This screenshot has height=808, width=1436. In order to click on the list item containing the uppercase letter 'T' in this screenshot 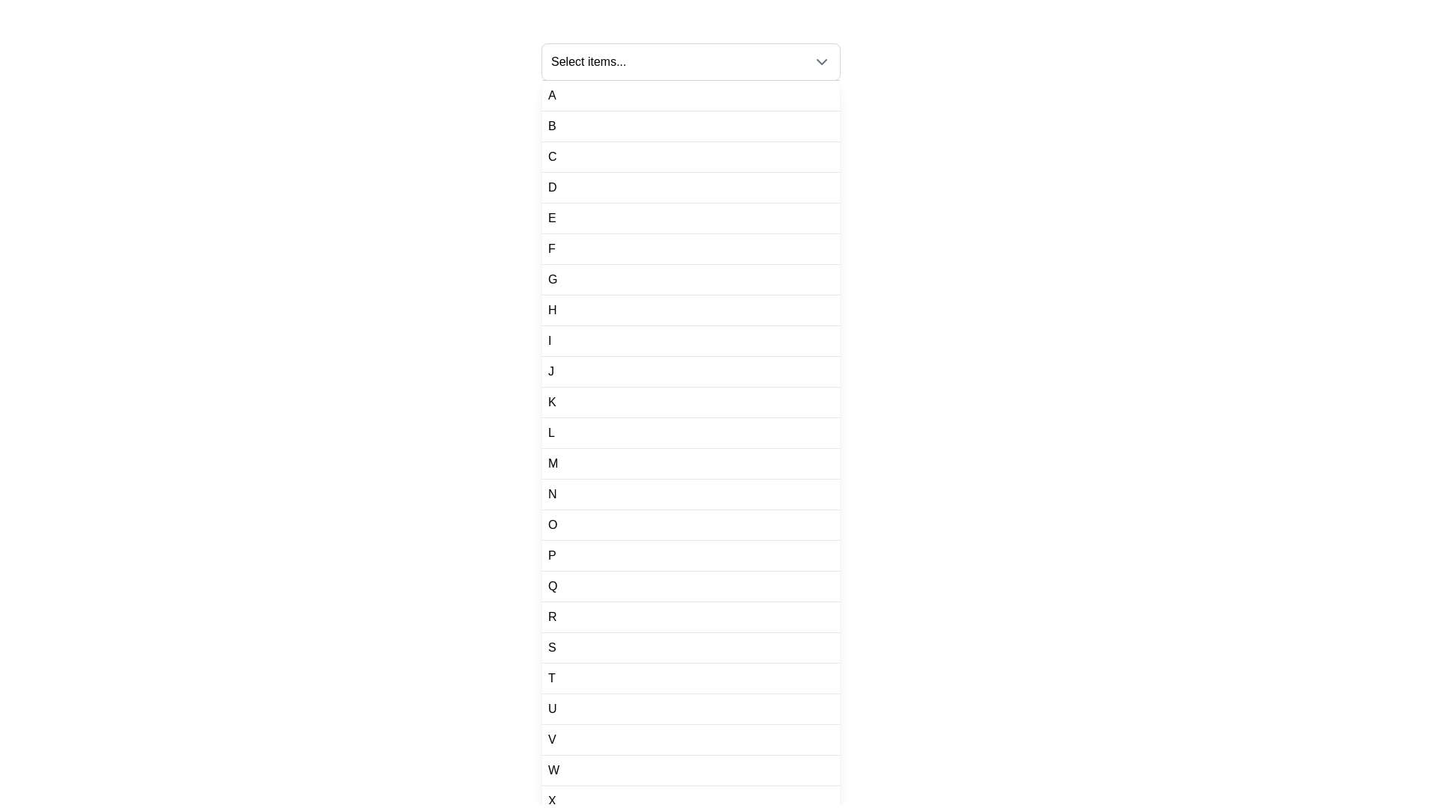, I will do `click(550, 678)`.